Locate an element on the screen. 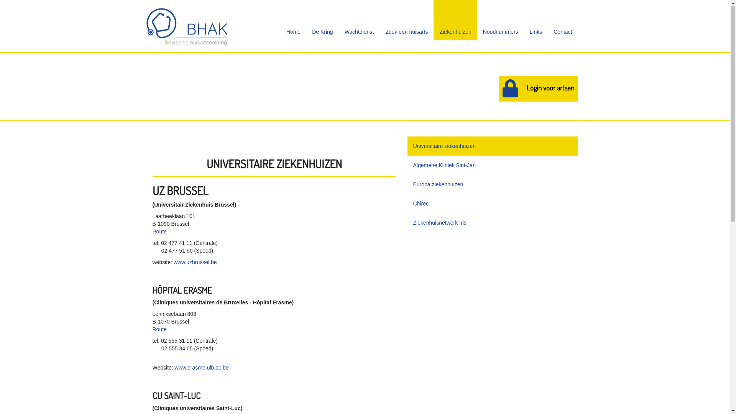  'Wachtdienst' is located at coordinates (359, 20).